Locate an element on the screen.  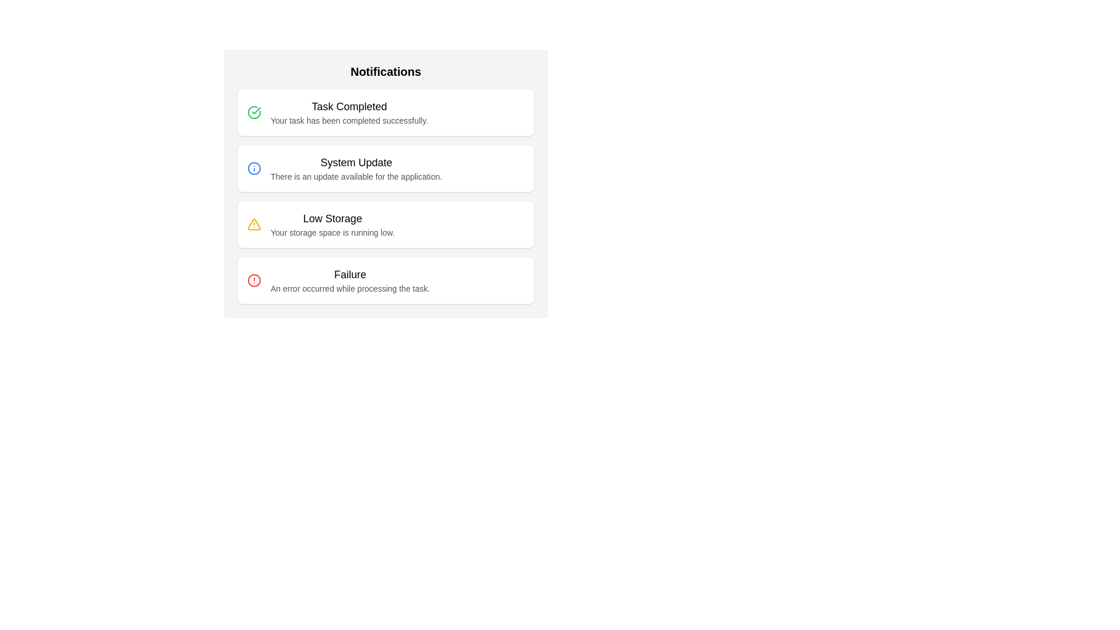
text that informs the user about the availability of an application update, located under the 'System Update' heading in the second notification of the list is located at coordinates (356, 177).